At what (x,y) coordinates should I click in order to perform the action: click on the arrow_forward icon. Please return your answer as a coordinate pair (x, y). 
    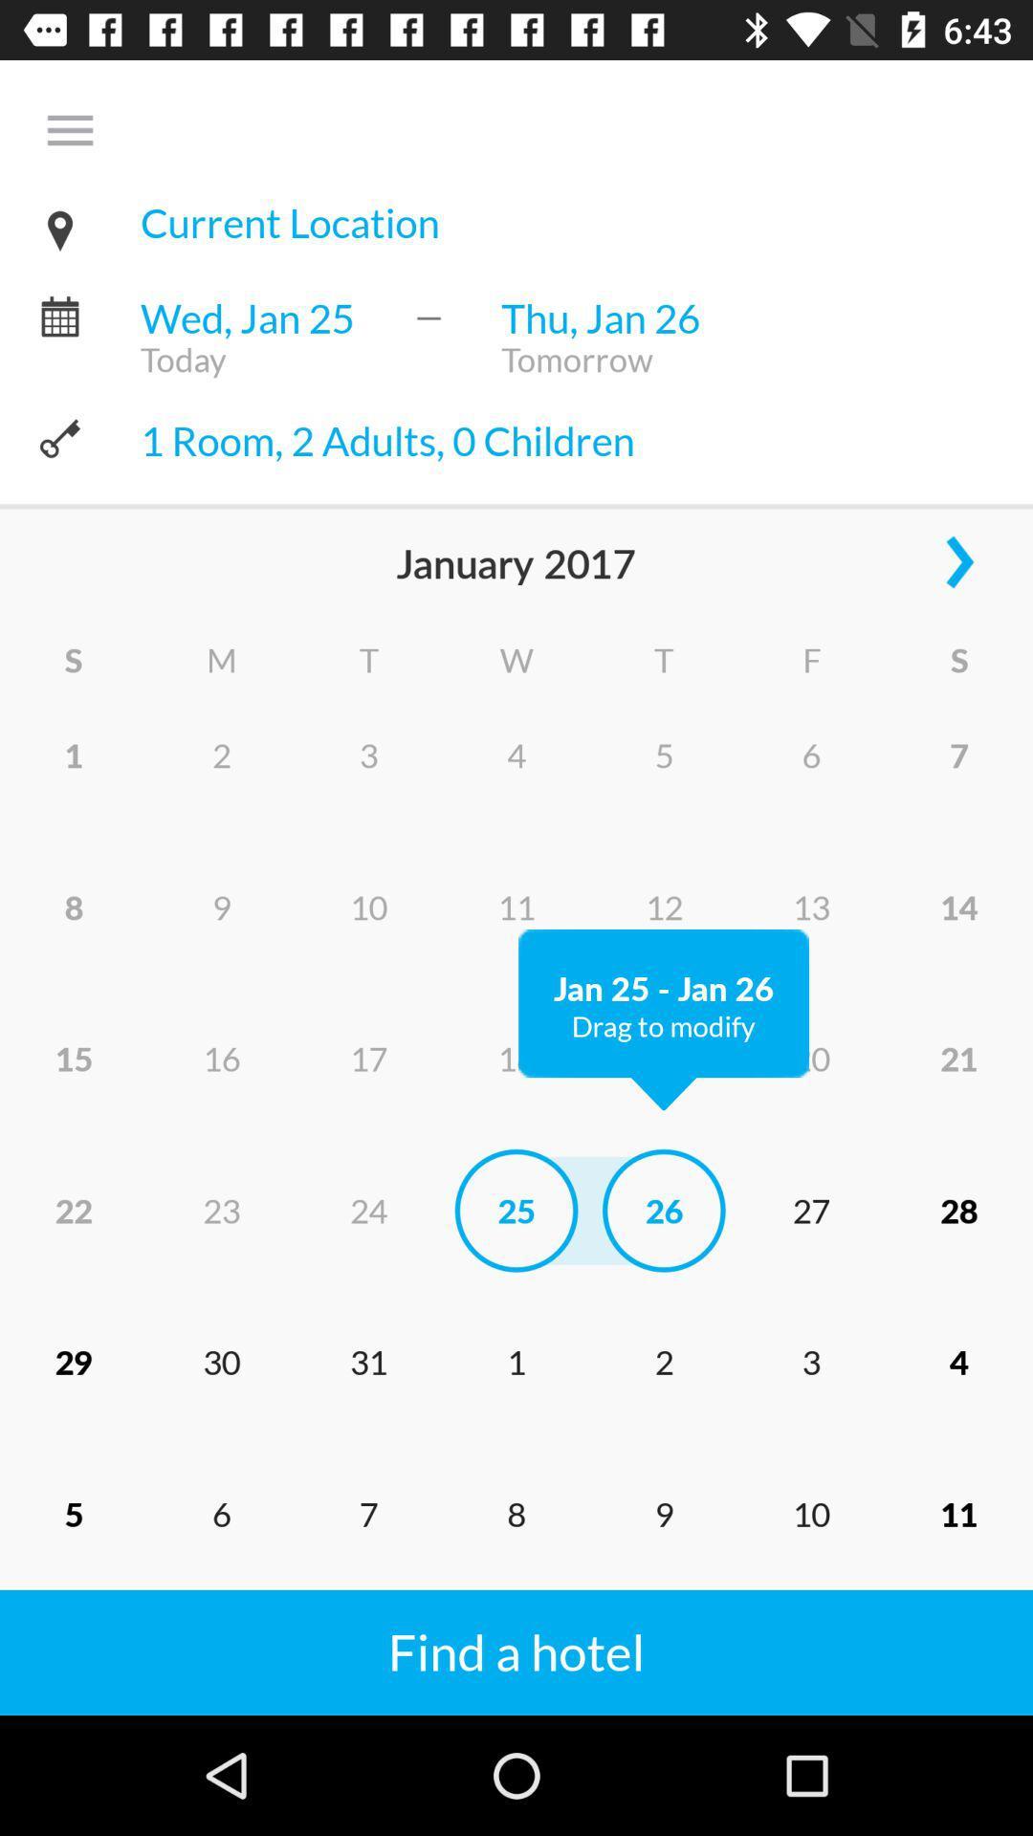
    Looking at the image, I should click on (958, 574).